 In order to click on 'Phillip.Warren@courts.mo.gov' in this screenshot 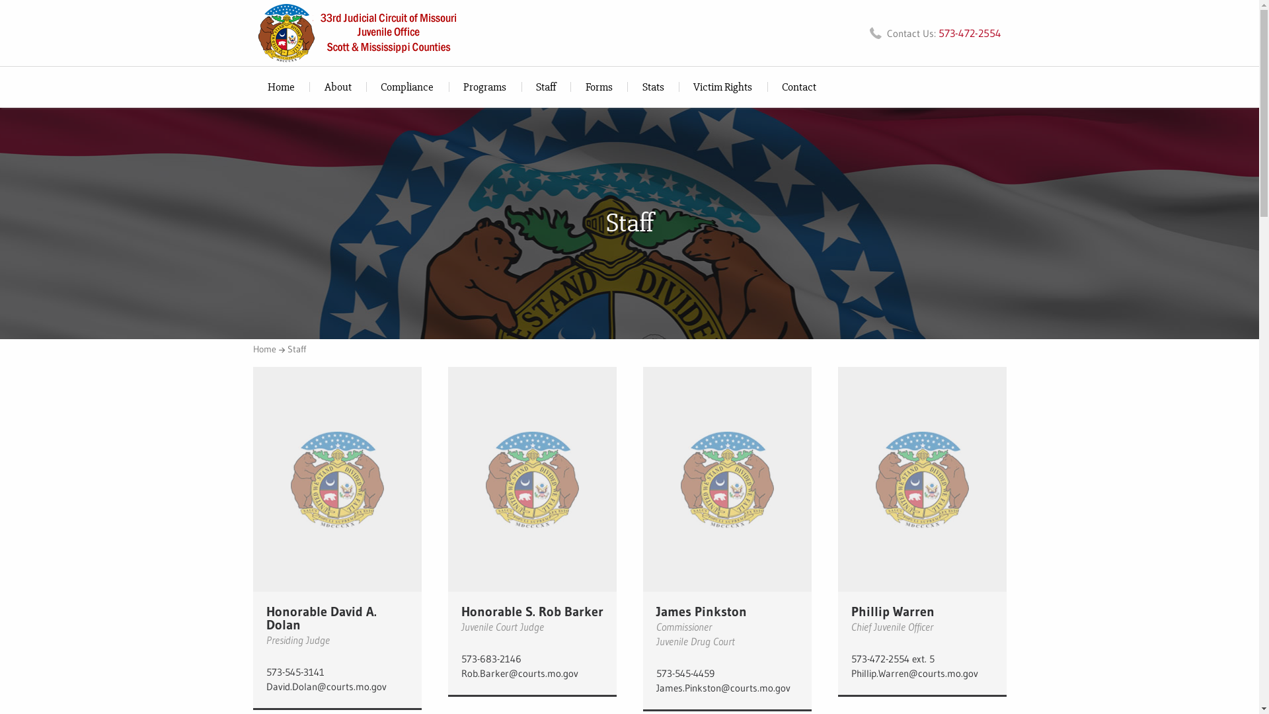, I will do `click(921, 674)`.